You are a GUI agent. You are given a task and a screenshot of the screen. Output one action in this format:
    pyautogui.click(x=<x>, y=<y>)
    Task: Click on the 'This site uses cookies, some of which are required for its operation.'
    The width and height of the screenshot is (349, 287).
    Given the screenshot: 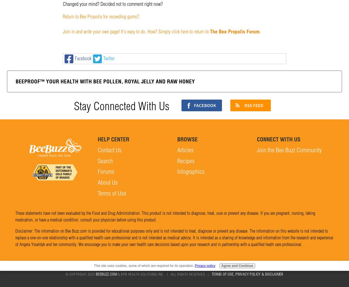 What is the action you would take?
    pyautogui.click(x=144, y=266)
    